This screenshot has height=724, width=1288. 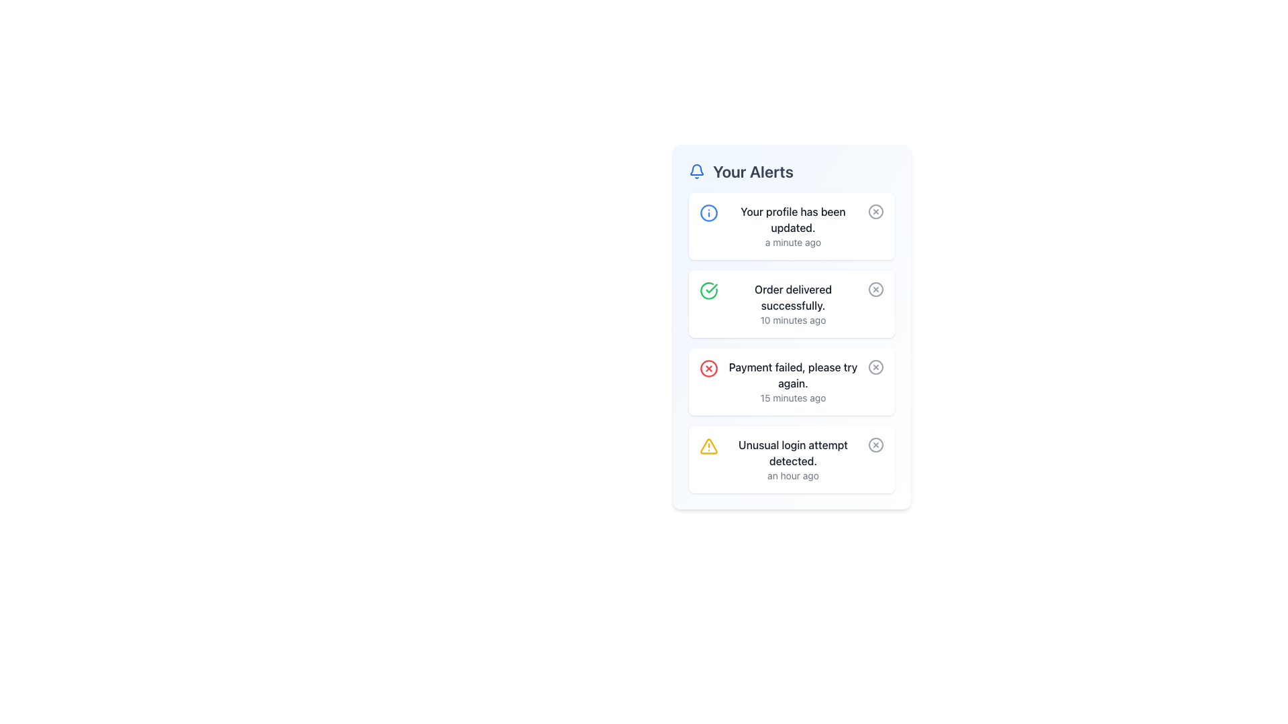 What do you see at coordinates (792, 304) in the screenshot?
I see `the Notification Card that indicates a successful order delivery, which is the second notification in the alert panel` at bounding box center [792, 304].